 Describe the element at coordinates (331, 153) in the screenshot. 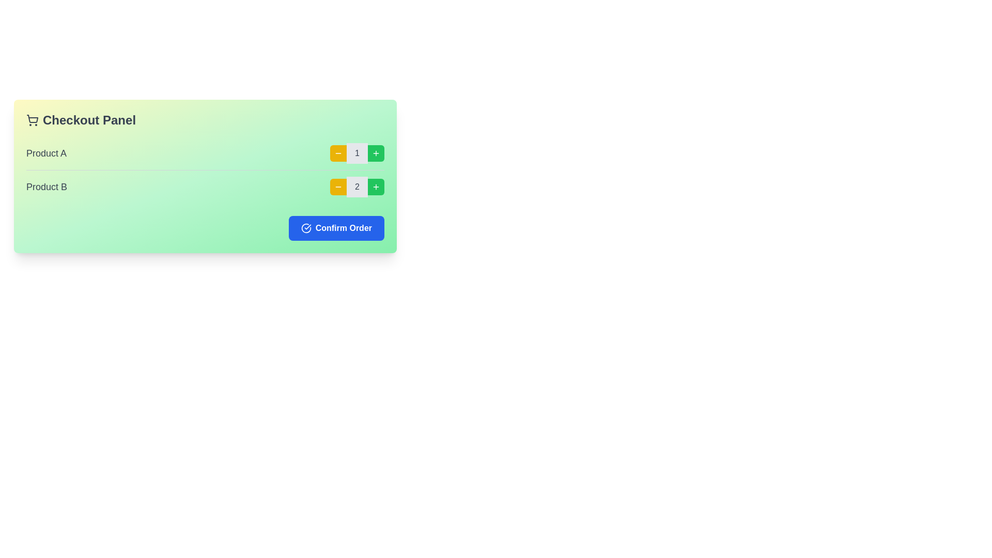

I see `the adjacent yellow minus button on the left and the green plus button on the right of the non-editable numerical display to change its value` at that location.